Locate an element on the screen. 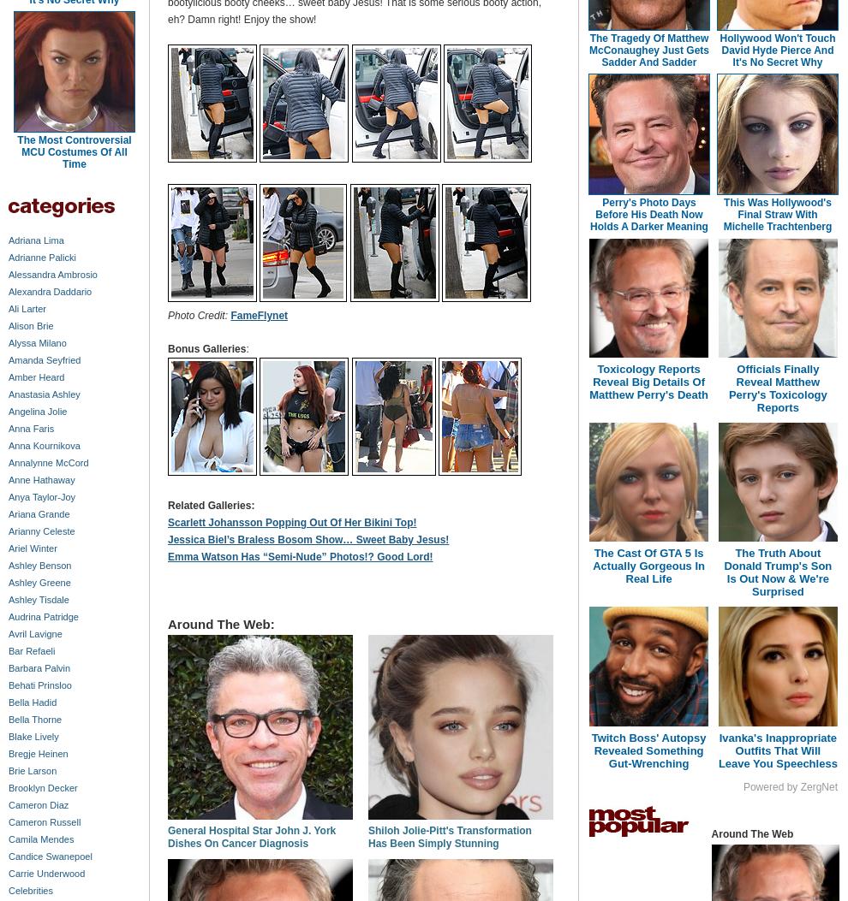 The image size is (848, 901). 'Alexandra Daddario' is located at coordinates (50, 290).